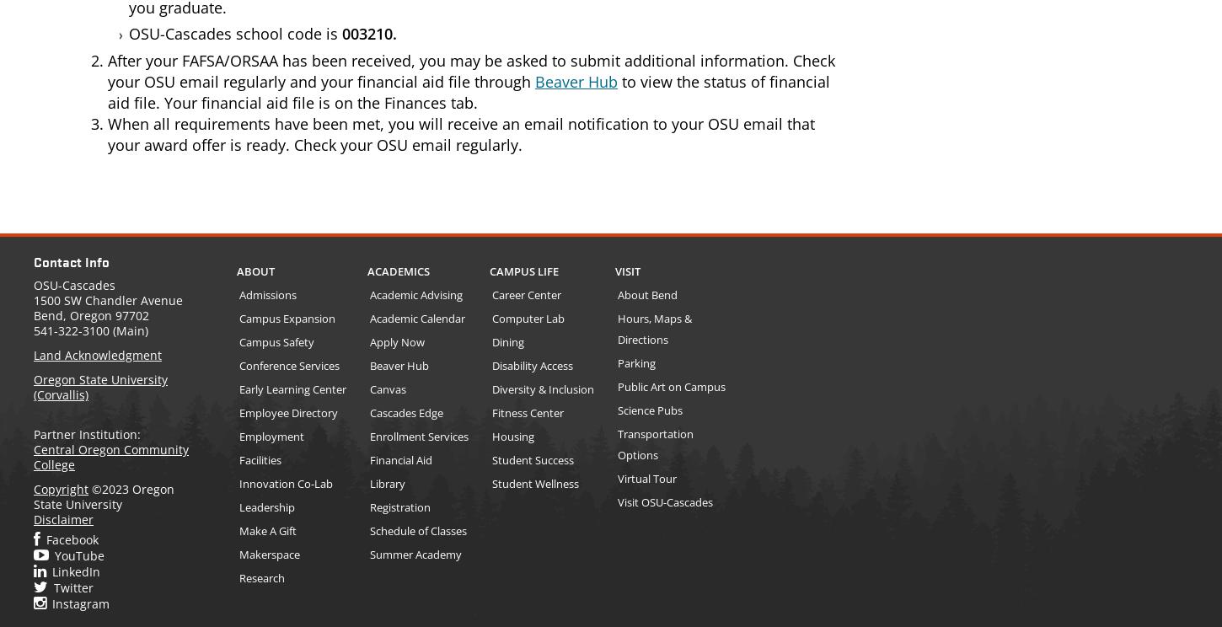  Describe the element at coordinates (461, 133) in the screenshot. I see `'When all requirements have been met, you will receive an email notification to your OSU email that your award offer is ready. Check your OSU email regularly.'` at that location.